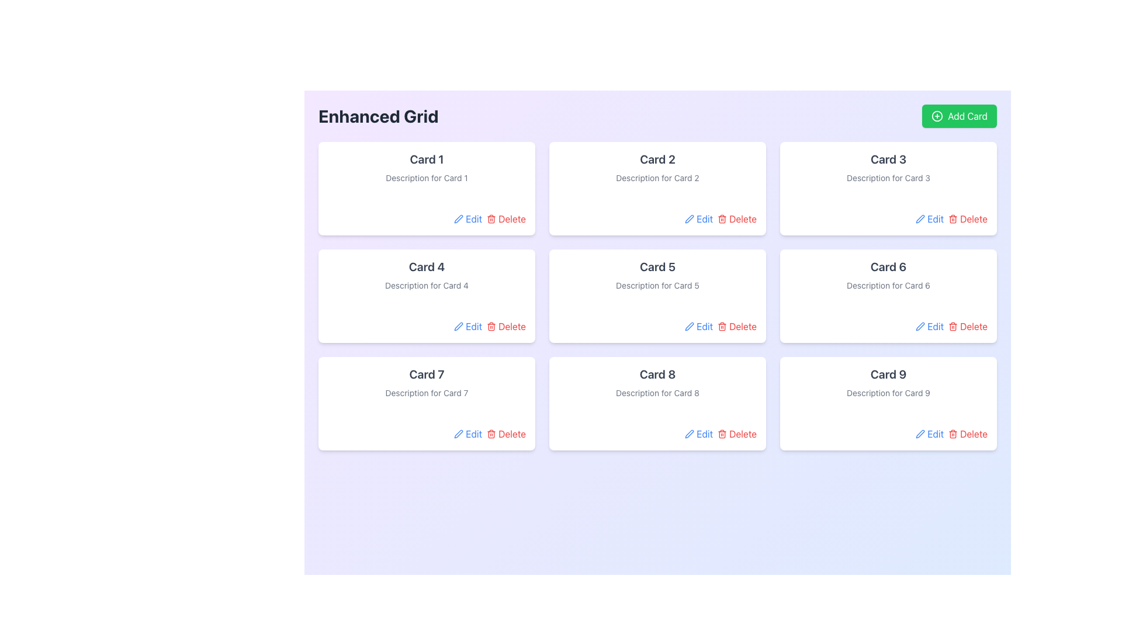  Describe the element at coordinates (968, 434) in the screenshot. I see `the delete button located at the bottom-right corner of Card 9` at that location.